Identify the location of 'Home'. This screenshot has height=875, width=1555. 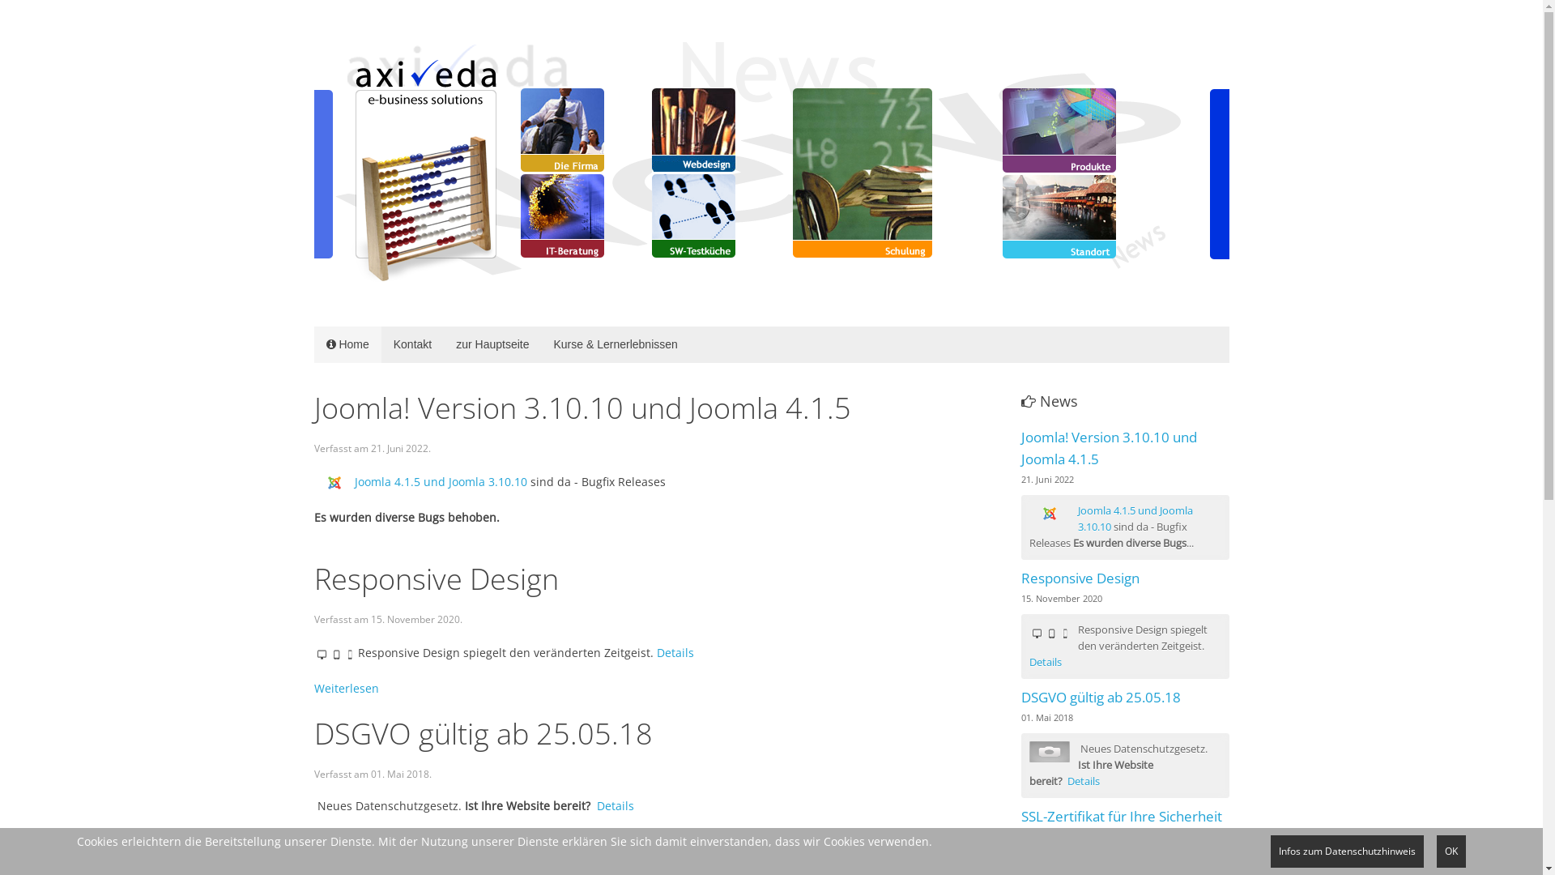
(347, 344).